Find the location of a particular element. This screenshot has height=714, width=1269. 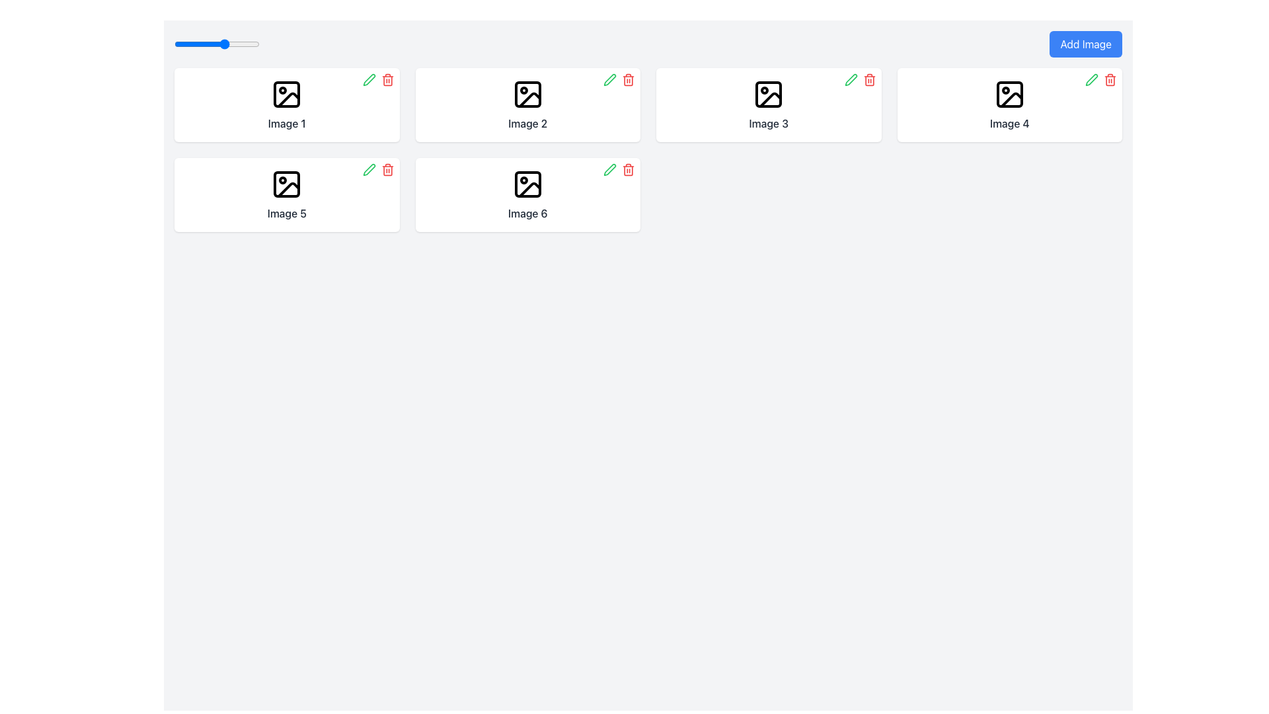

the red trash bin icon in the top right corner of the card labeled 'Image 5' is located at coordinates (377, 169).